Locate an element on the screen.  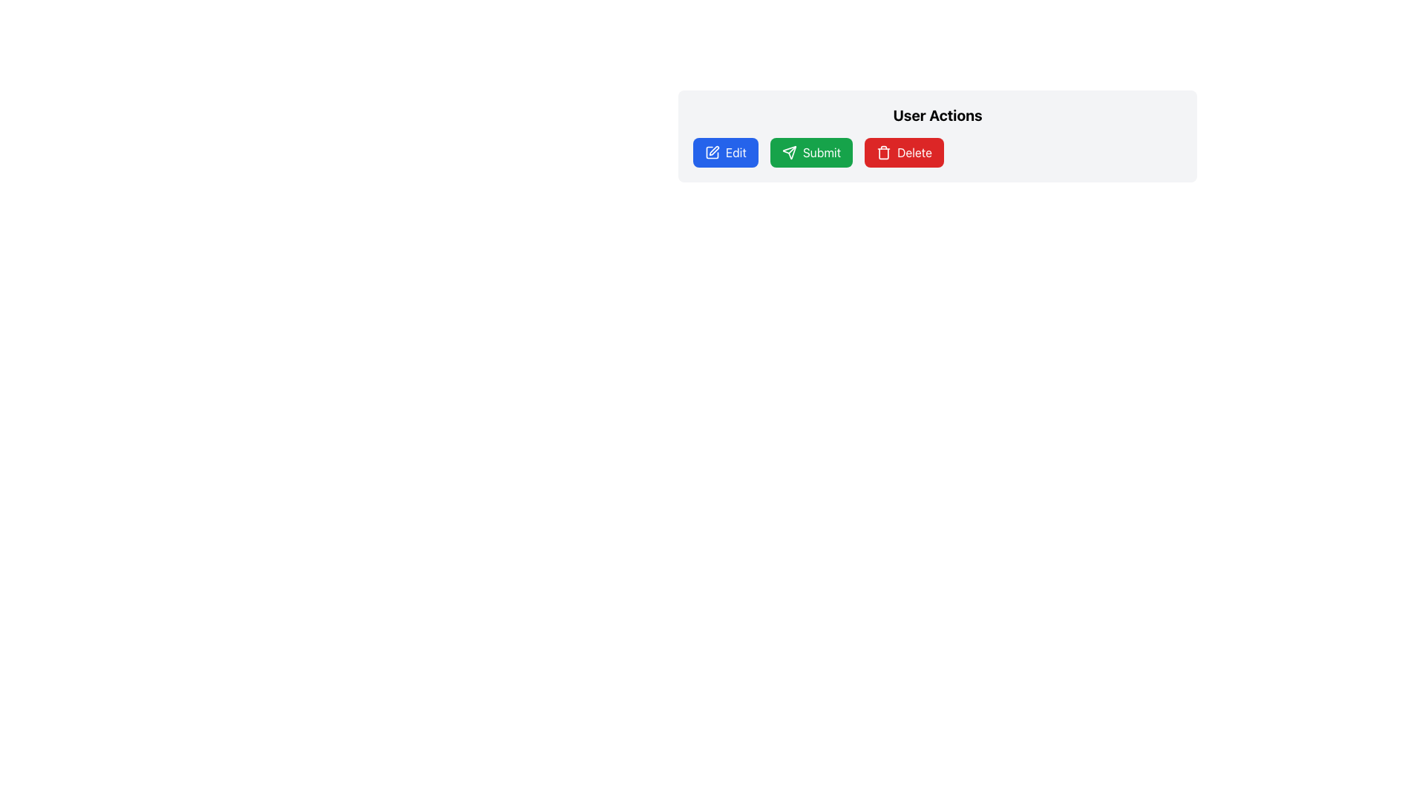
the graphic icon within the 'Edit' button, which serves as a visual indicator for editing functionality is located at coordinates (712, 152).